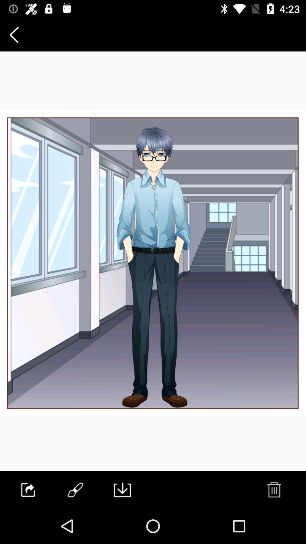 Image resolution: width=306 pixels, height=544 pixels. Describe the element at coordinates (122, 489) in the screenshot. I see `the file_download icon` at that location.